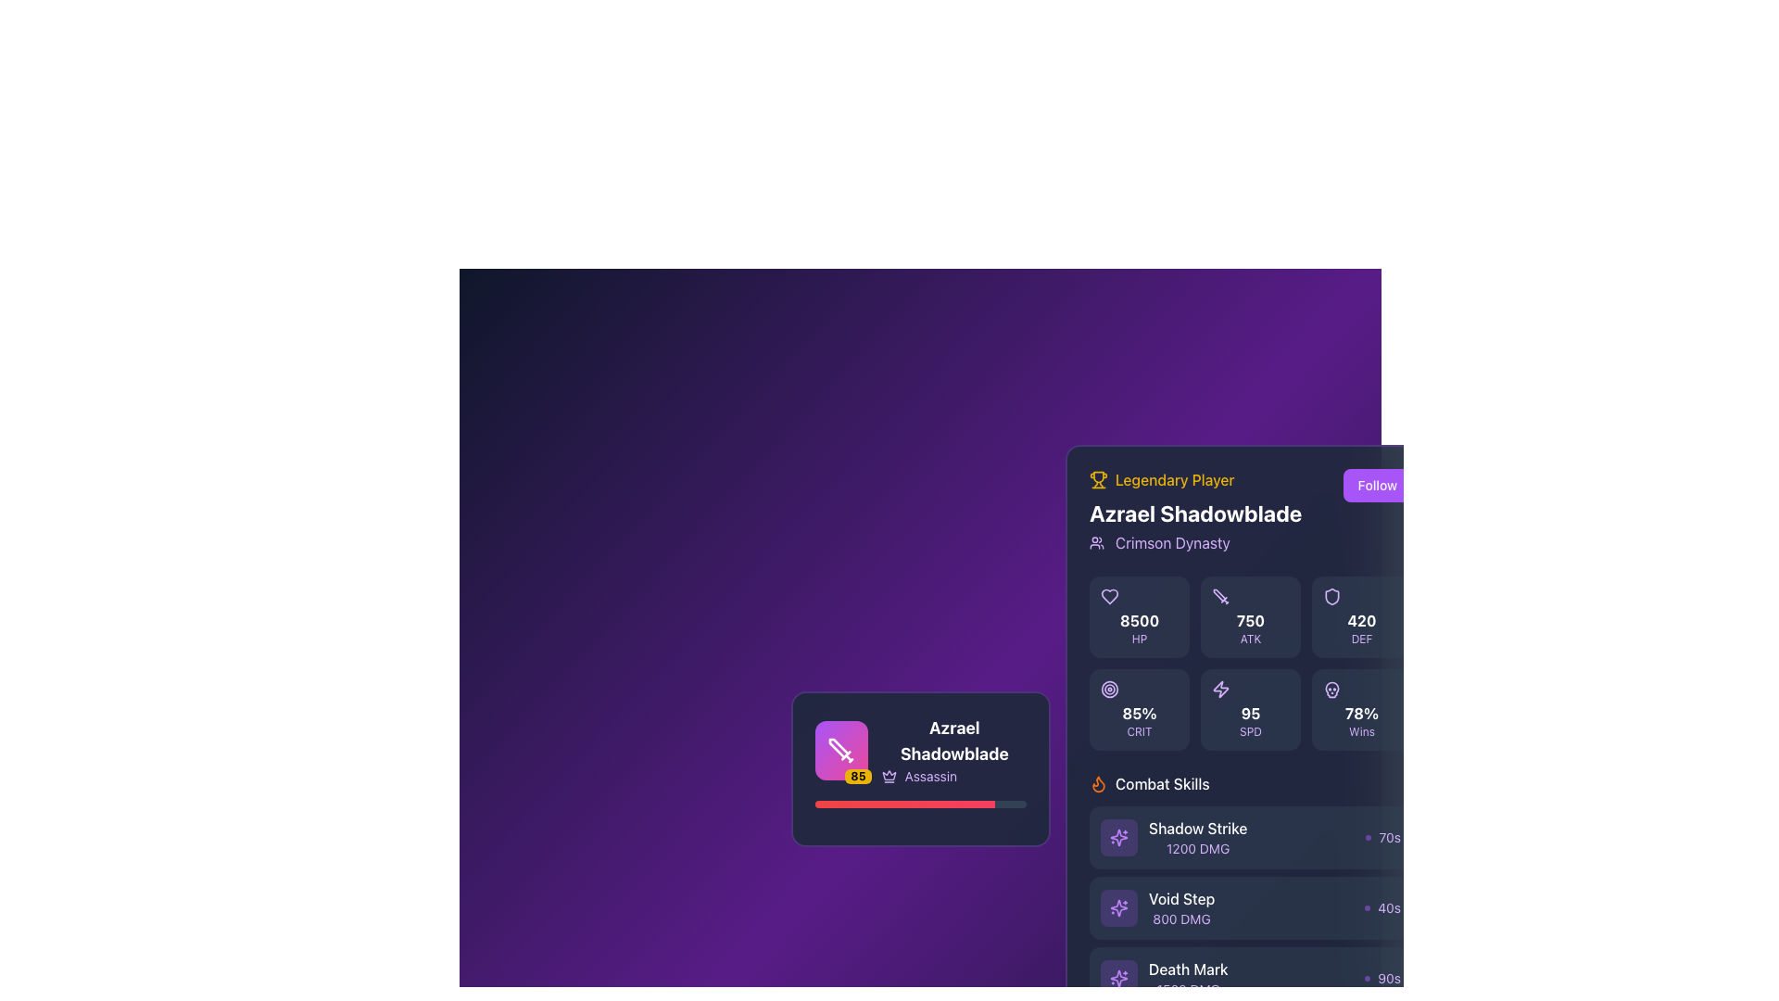  I want to click on the progress bar, which is a horizontal element with a gradient from red to rose, located in the lower part of the left card displaying character data, so click(904, 803).